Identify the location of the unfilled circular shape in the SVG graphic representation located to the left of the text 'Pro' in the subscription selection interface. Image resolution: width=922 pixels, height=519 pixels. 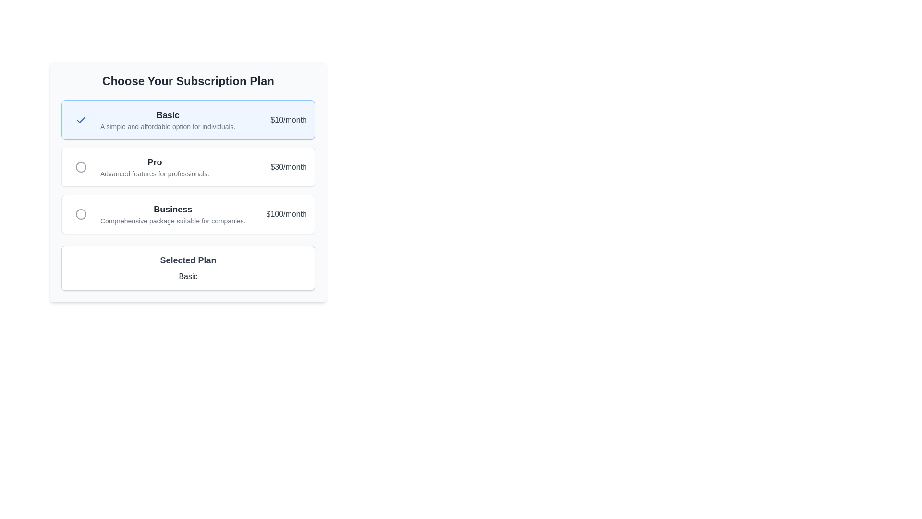
(81, 166).